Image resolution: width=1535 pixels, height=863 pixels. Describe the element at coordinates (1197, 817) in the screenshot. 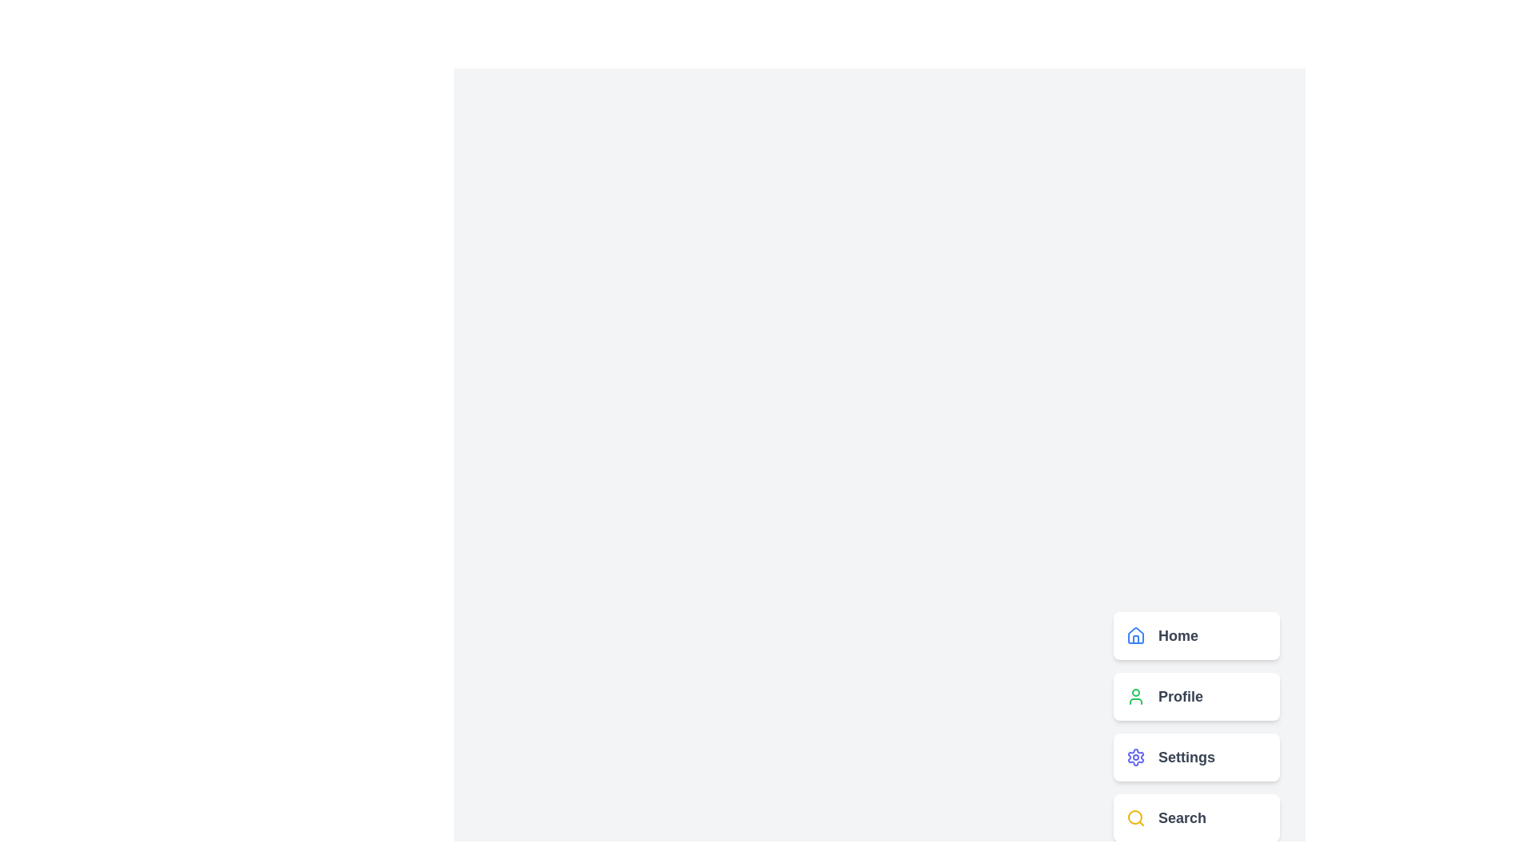

I see `the 'Search' menu option to activate it` at that location.